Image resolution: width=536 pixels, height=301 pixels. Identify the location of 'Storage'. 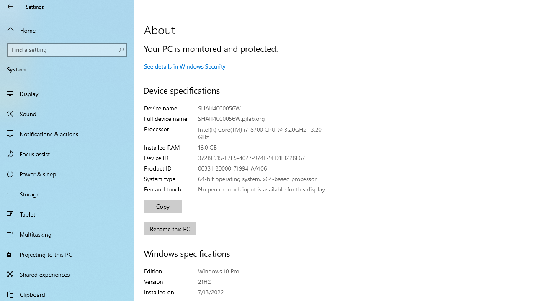
(67, 194).